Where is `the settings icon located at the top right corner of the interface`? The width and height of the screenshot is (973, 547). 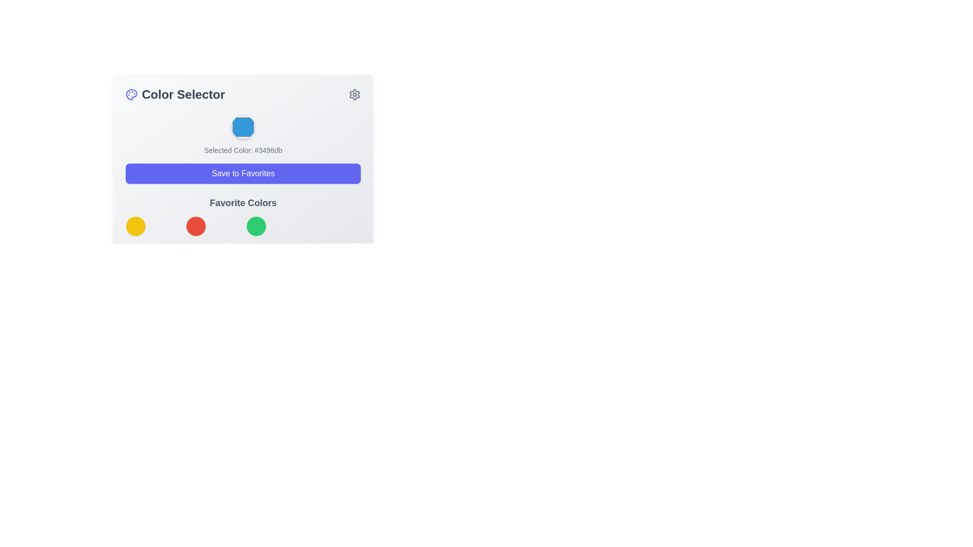 the settings icon located at the top right corner of the interface is located at coordinates (355, 94).